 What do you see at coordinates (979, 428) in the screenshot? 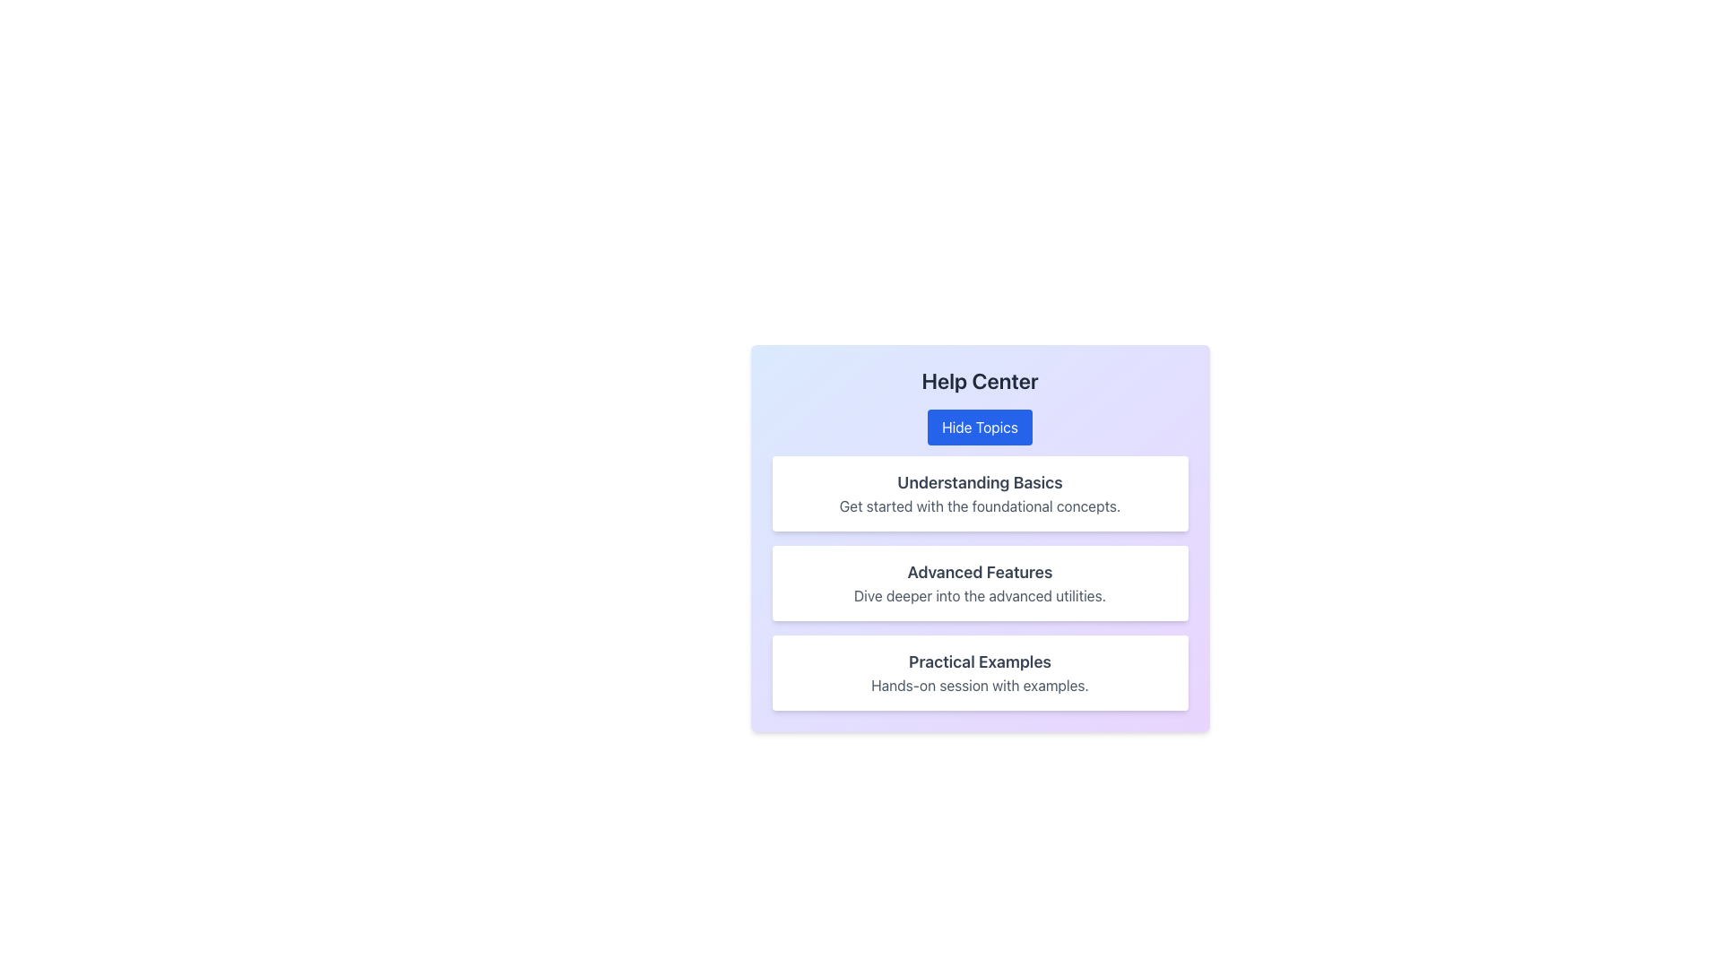
I see `the button located below the 'Help Center' heading` at bounding box center [979, 428].